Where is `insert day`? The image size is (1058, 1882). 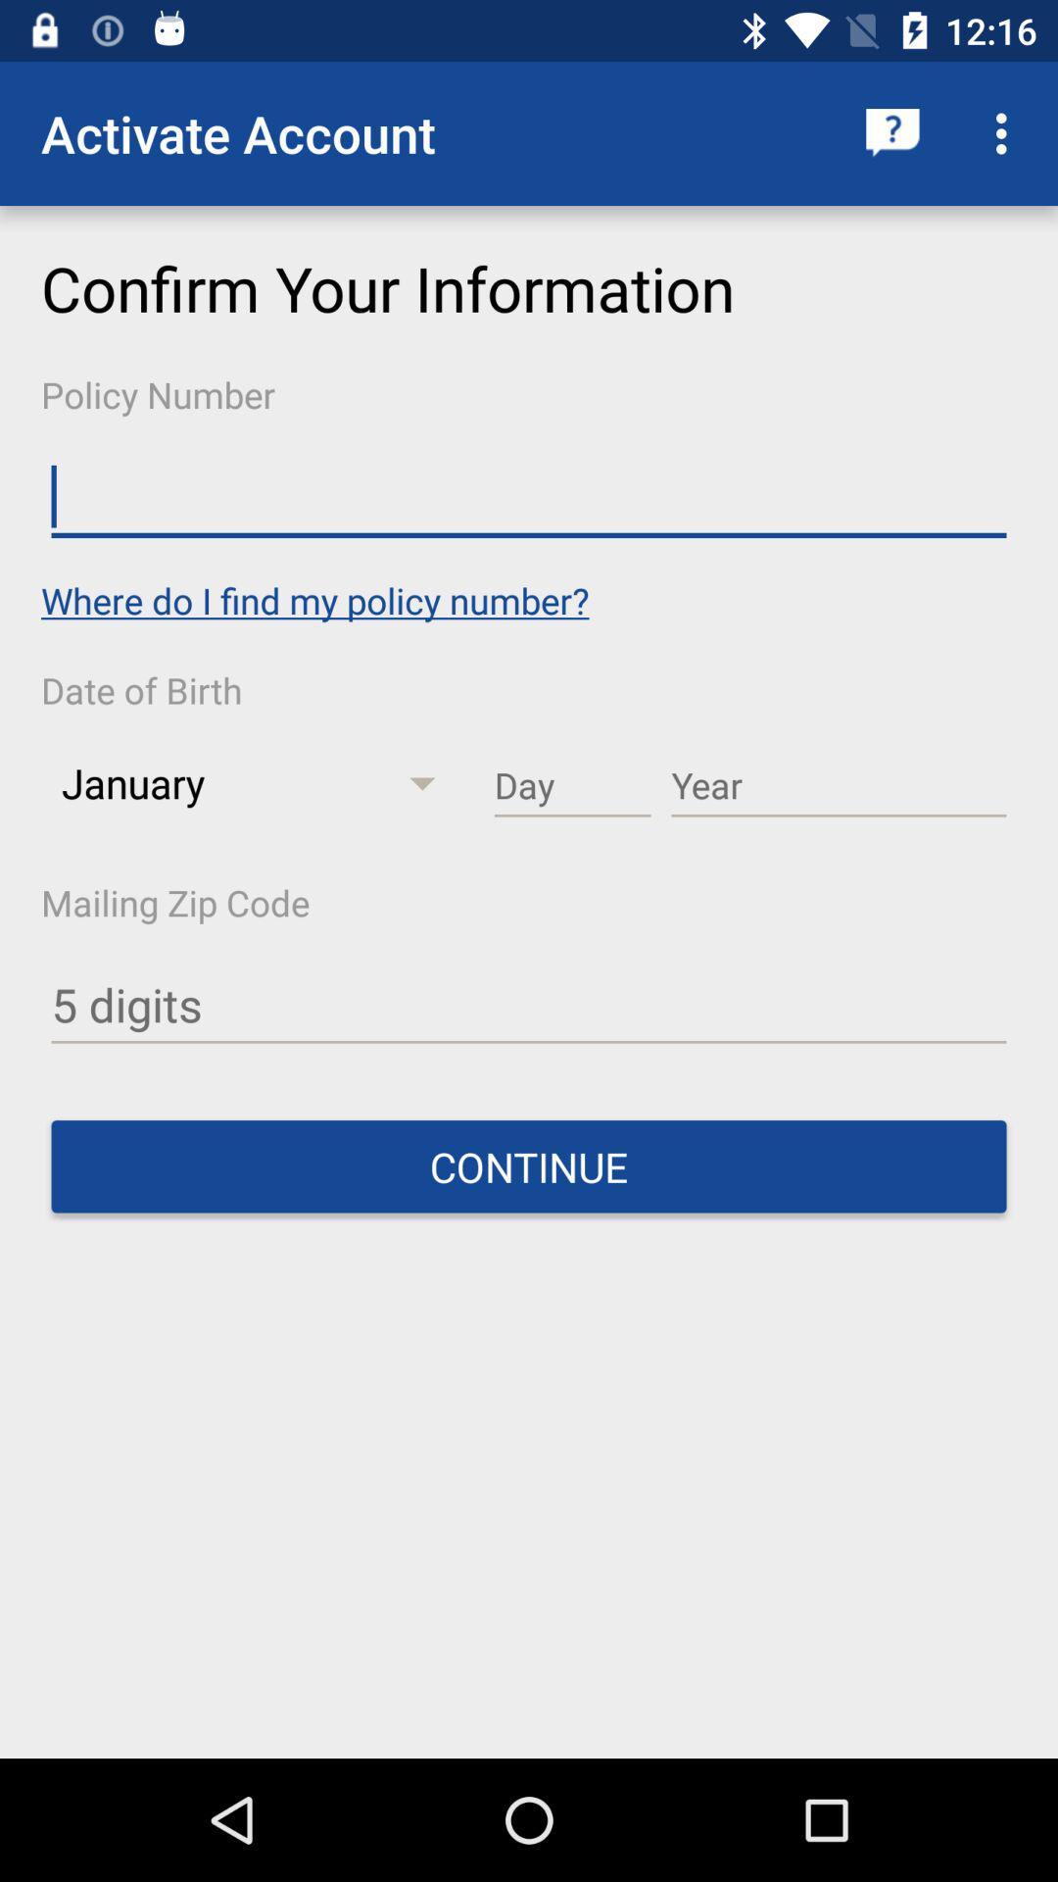
insert day is located at coordinates (572, 786).